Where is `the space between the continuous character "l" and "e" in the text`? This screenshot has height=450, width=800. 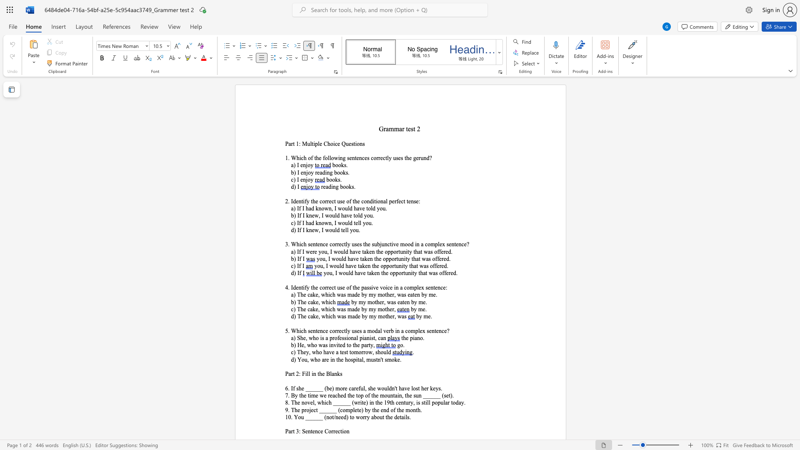
the space between the continuous character "l" and "e" in the text is located at coordinates (420, 330).